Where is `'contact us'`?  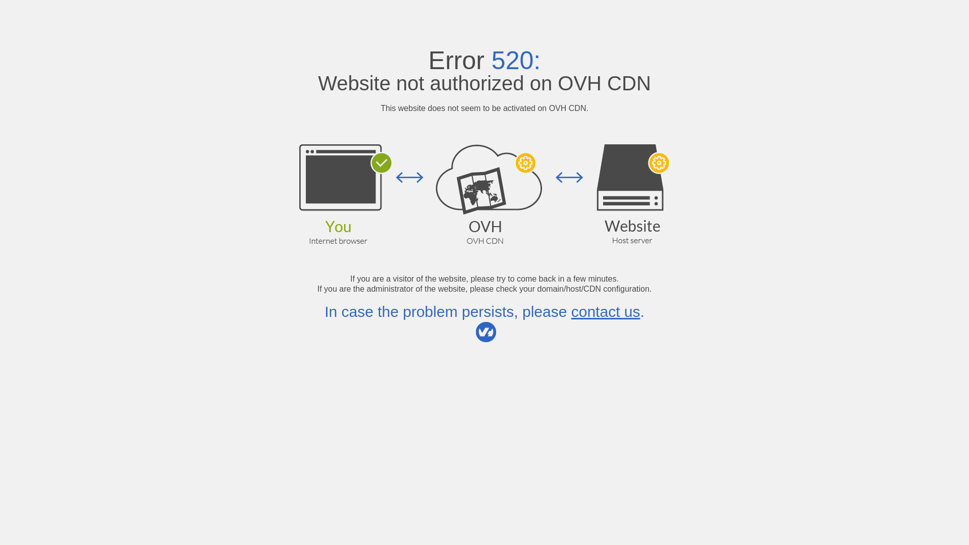 'contact us' is located at coordinates (571, 311).